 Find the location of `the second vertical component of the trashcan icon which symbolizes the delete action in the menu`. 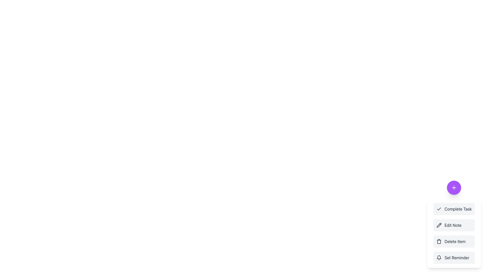

the second vertical component of the trashcan icon which symbolizes the delete action in the menu is located at coordinates (439, 242).